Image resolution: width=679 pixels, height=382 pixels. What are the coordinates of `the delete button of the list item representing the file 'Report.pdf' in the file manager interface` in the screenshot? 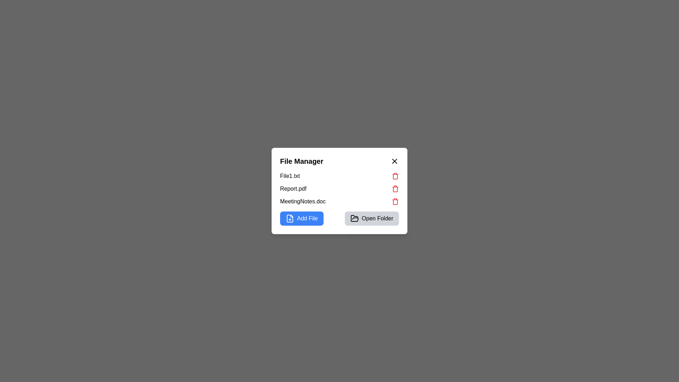 It's located at (339, 188).